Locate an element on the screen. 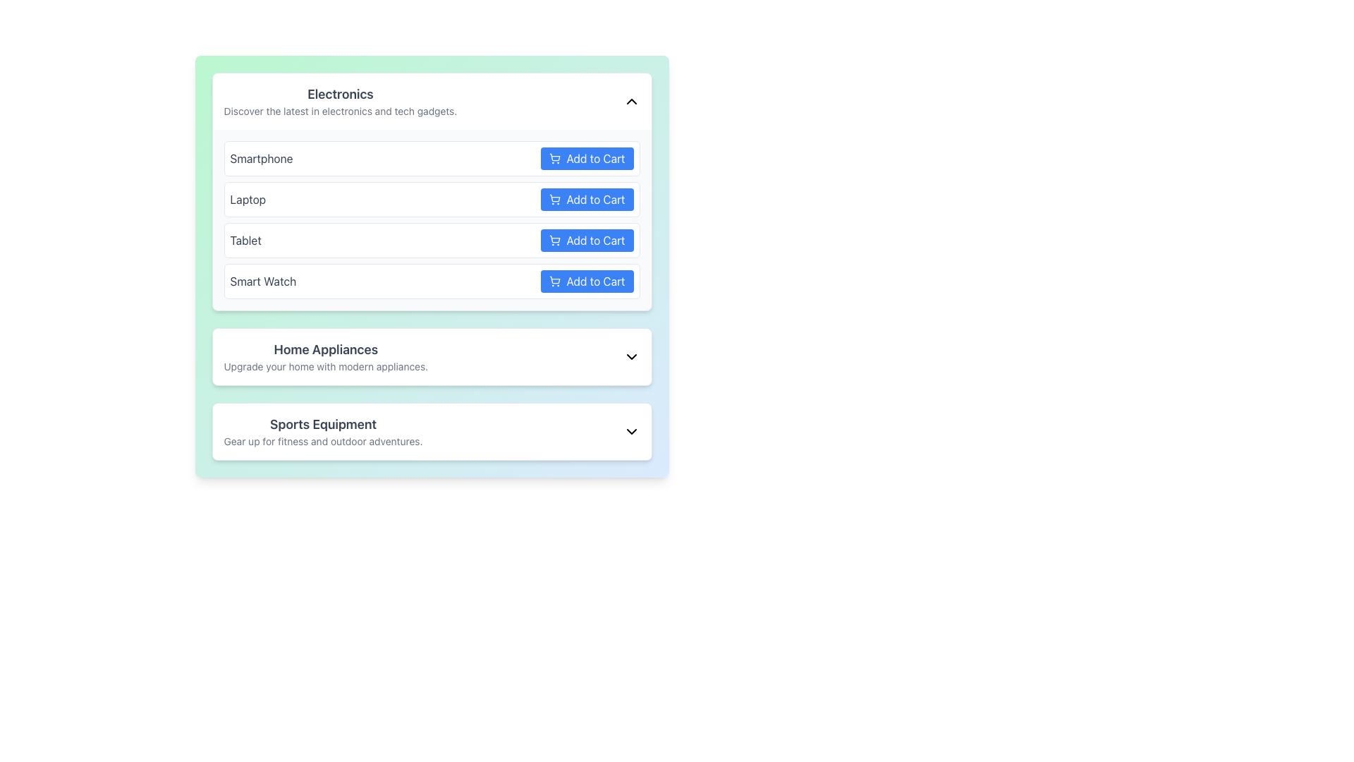 The width and height of the screenshot is (1354, 762). the downward chevron icon on the right side of the 'Home Appliances' title is located at coordinates (630, 356).